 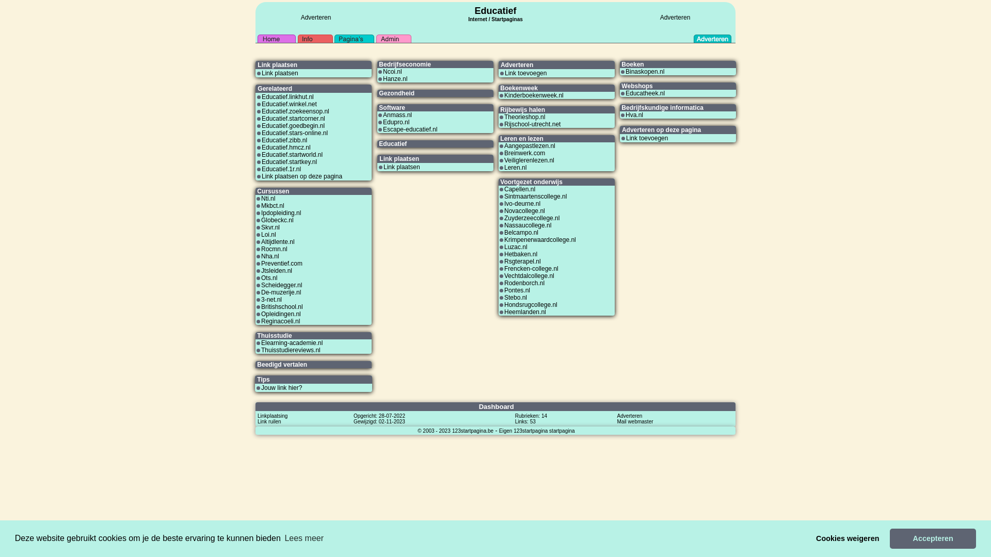 What do you see at coordinates (504, 145) in the screenshot?
I see `'Aangepastlezen.nl'` at bounding box center [504, 145].